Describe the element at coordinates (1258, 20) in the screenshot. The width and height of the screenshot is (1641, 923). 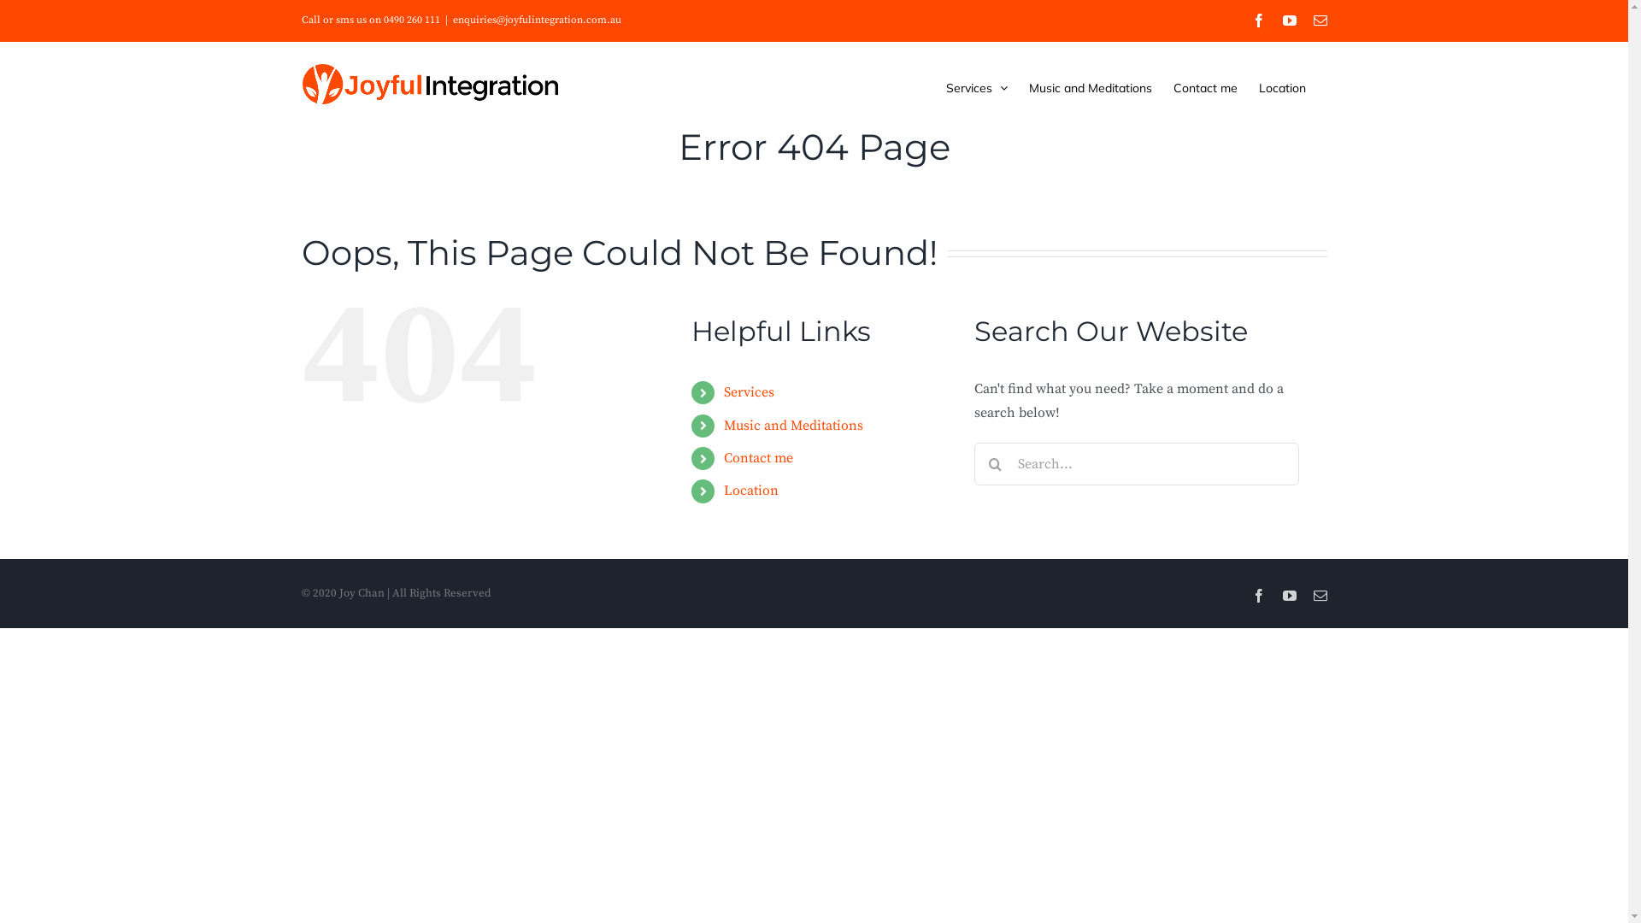
I see `'Facebook'` at that location.